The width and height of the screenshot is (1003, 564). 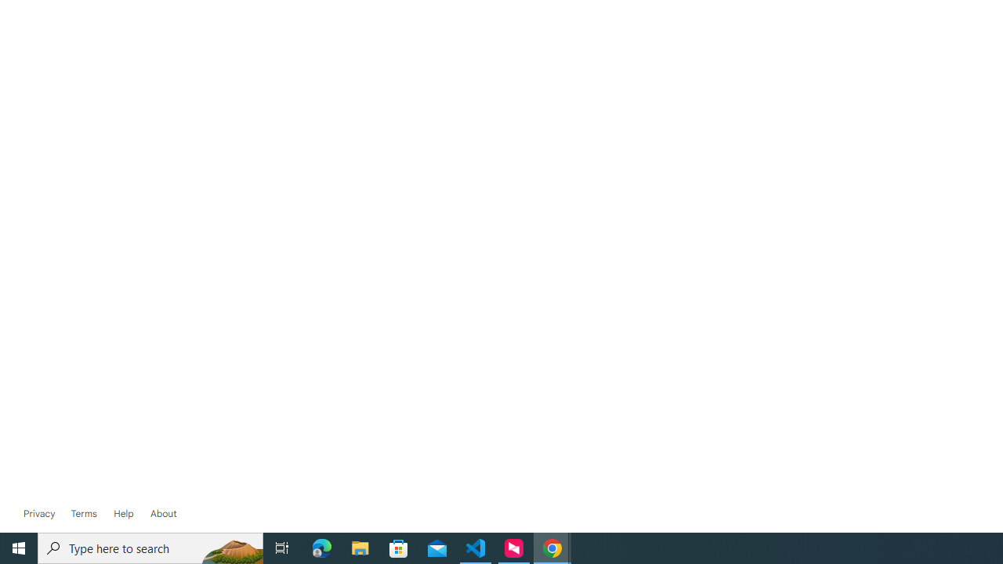 I want to click on 'Terms', so click(x=82, y=513).